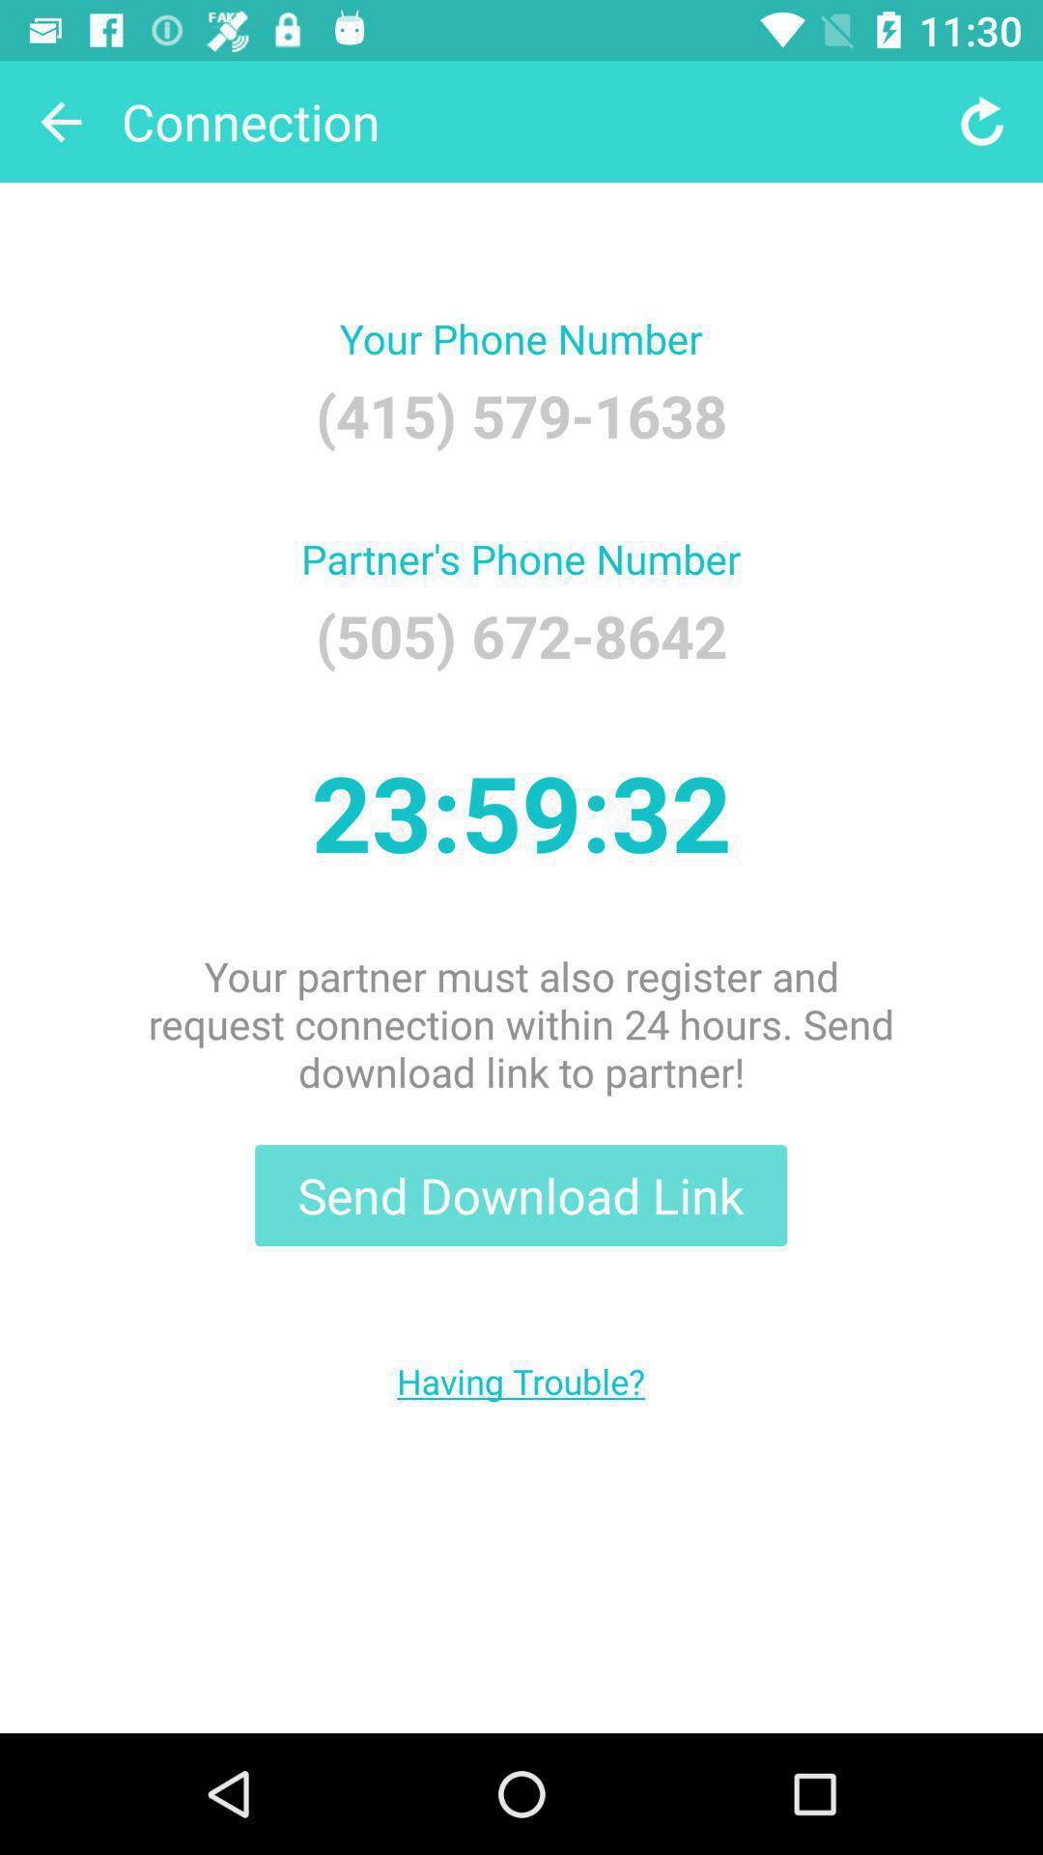  I want to click on the icon to the right of connection item, so click(982, 120).